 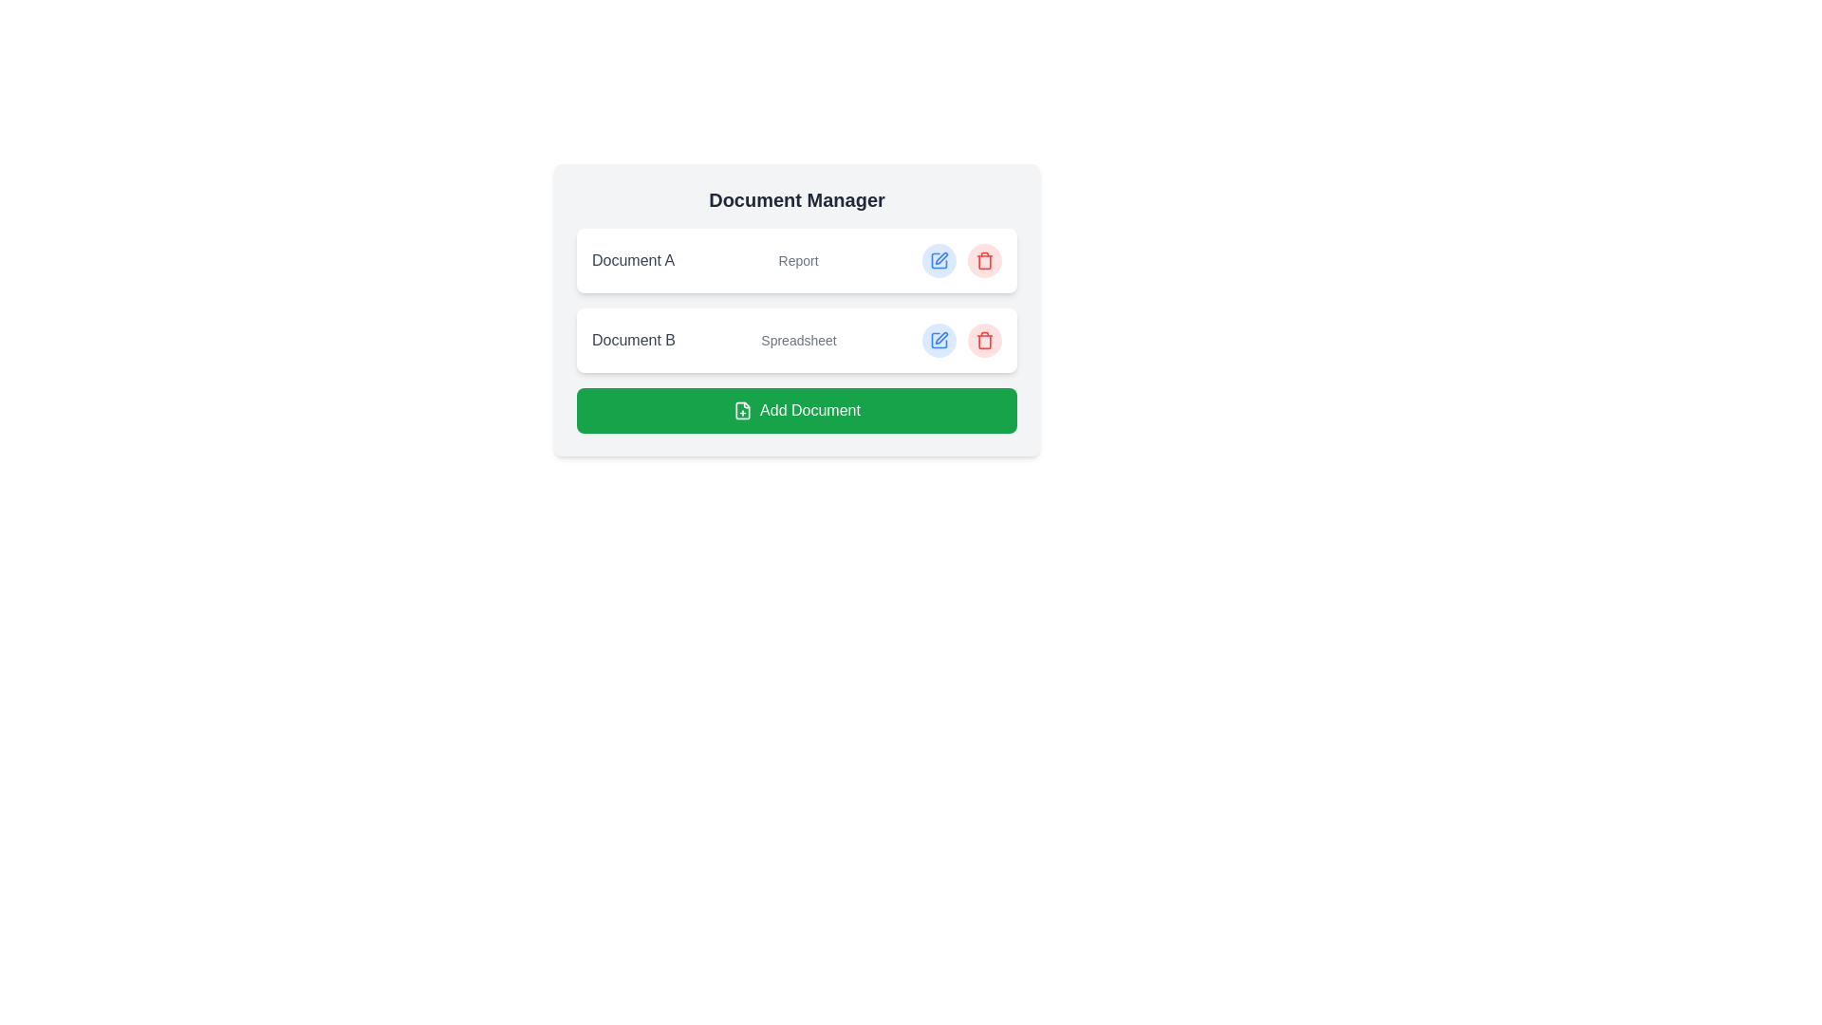 I want to click on the red circular button with a trash bin icon located to the right of the 'Document B' text label, so click(x=984, y=339).